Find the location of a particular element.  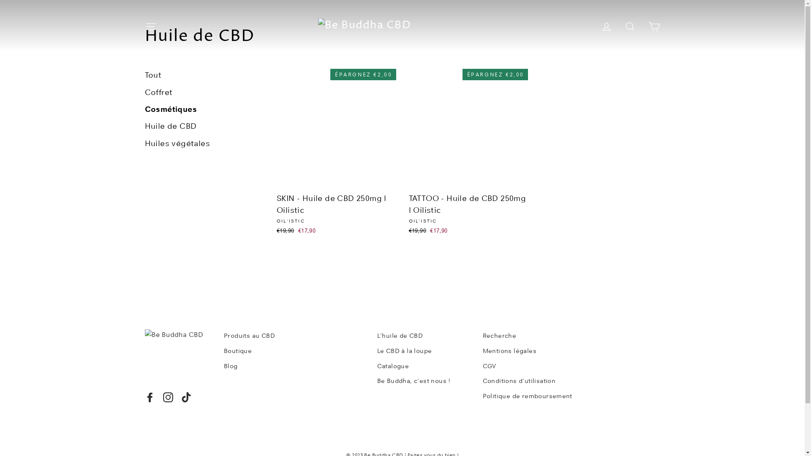

'Politique de remboursement' is located at coordinates (482, 396).